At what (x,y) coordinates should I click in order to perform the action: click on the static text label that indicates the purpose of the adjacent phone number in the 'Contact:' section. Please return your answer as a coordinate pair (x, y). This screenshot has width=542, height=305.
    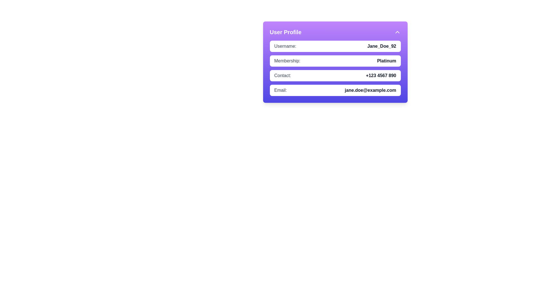
    Looking at the image, I should click on (283, 75).